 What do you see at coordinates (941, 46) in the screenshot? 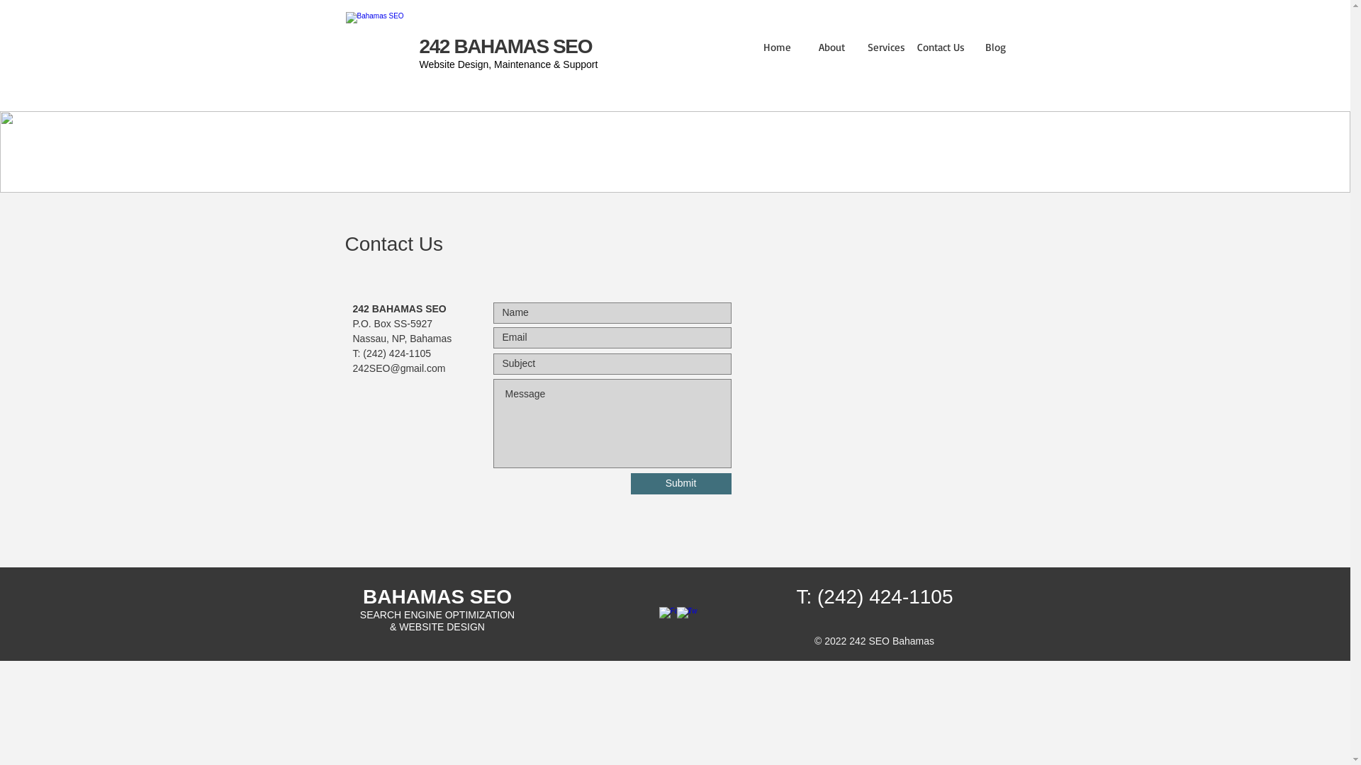
I see `'Contact Us'` at bounding box center [941, 46].